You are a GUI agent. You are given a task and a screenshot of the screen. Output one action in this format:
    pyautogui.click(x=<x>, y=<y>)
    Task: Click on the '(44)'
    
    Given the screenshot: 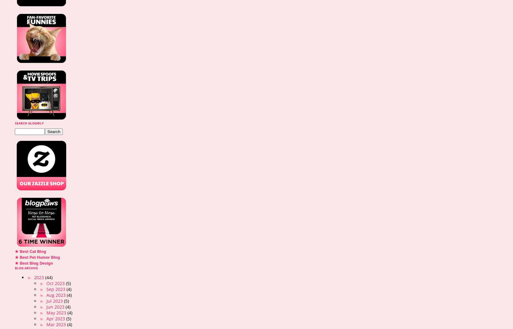 What is the action you would take?
    pyautogui.click(x=49, y=277)
    